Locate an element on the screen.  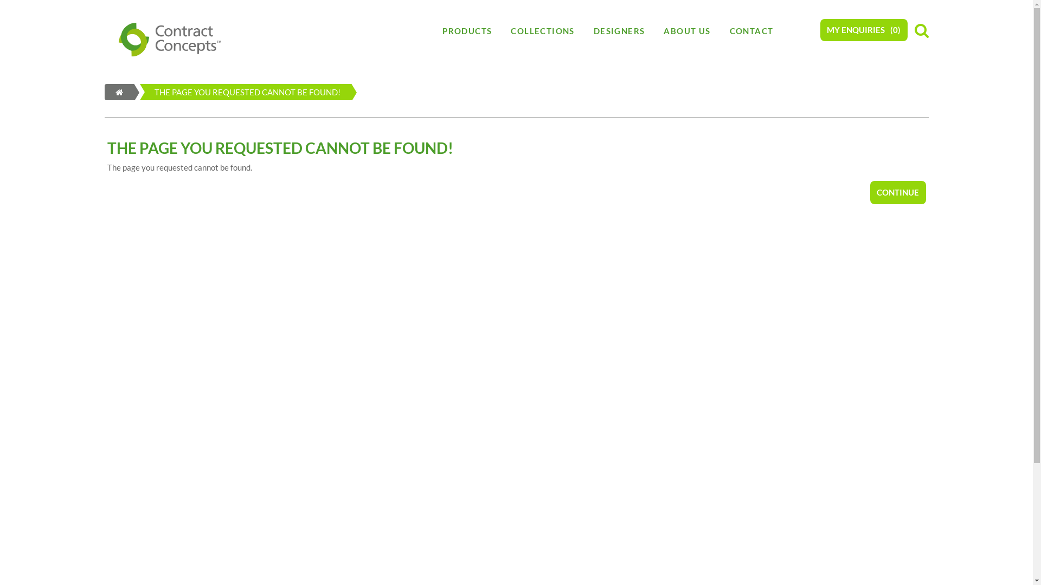
'DESIGNERS' is located at coordinates (619, 30).